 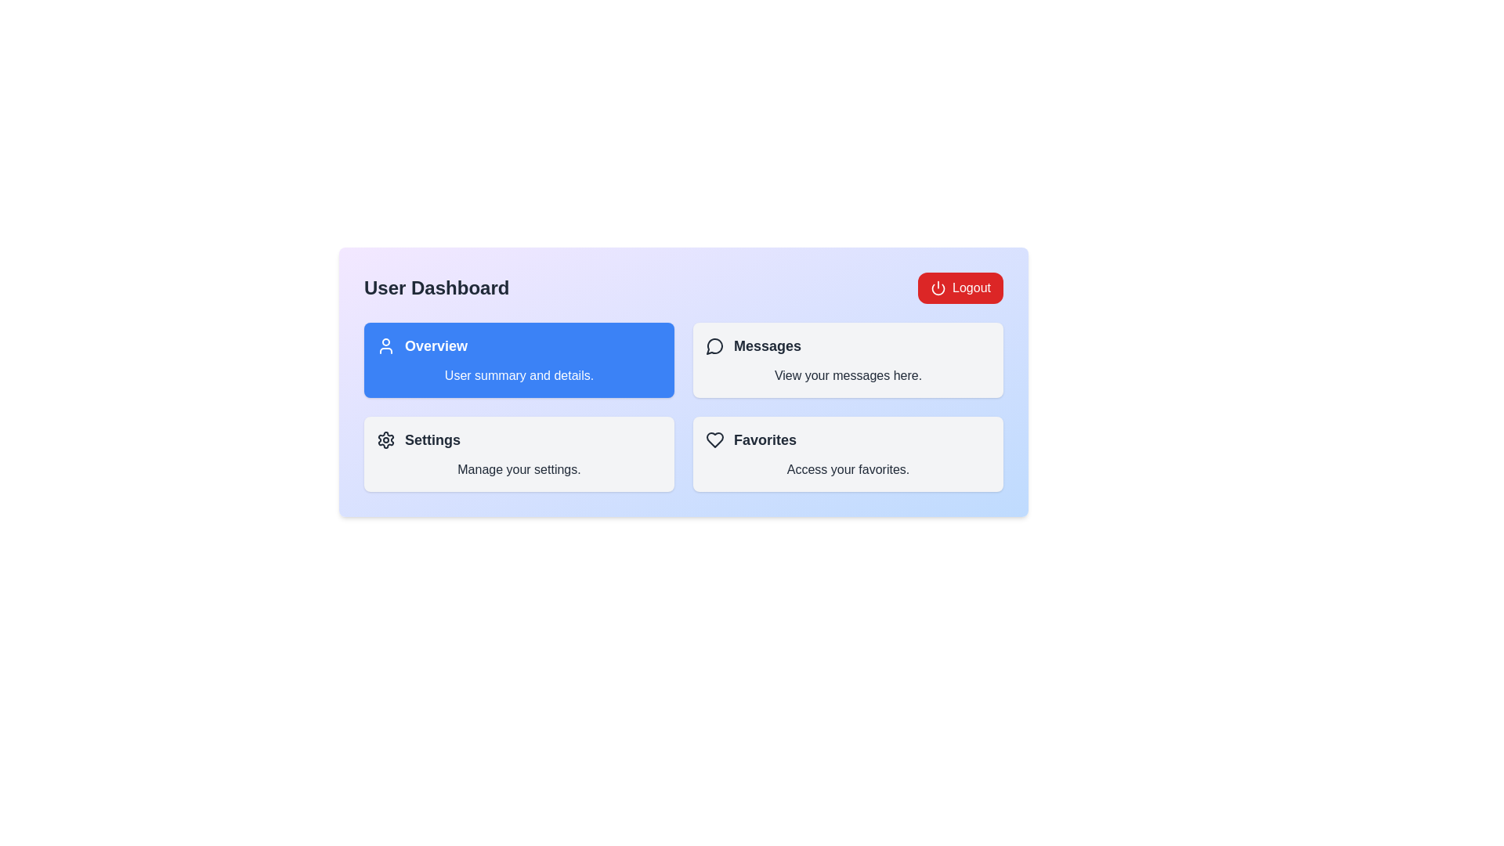 What do you see at coordinates (960, 287) in the screenshot?
I see `the 'Logout' button with a red background and rounded corners located at the top-right corner of the User Dashboard to initiate logout` at bounding box center [960, 287].